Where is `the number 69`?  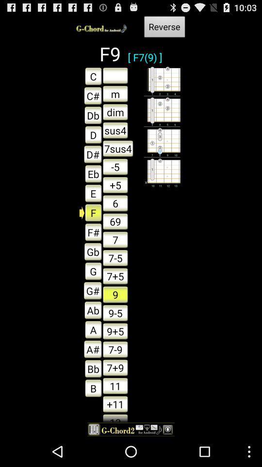 the number 69 is located at coordinates (115, 221).